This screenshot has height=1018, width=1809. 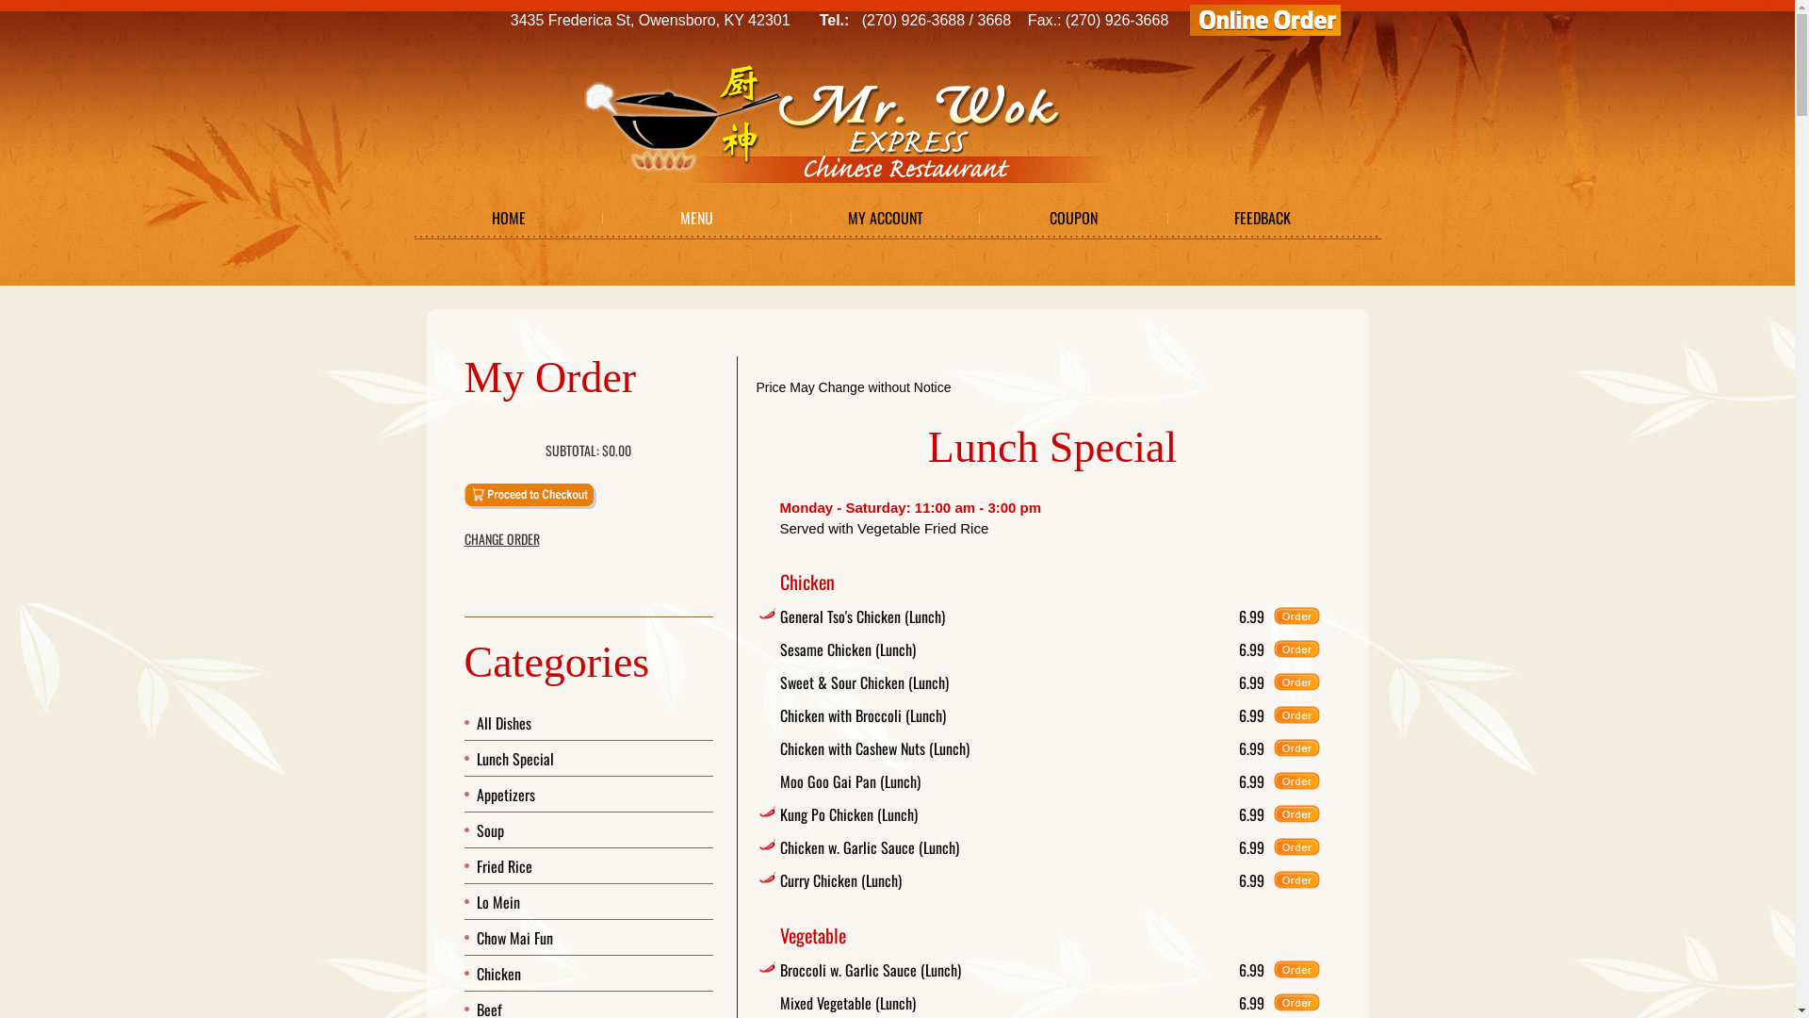 What do you see at coordinates (504, 865) in the screenshot?
I see `'Fried Rice'` at bounding box center [504, 865].